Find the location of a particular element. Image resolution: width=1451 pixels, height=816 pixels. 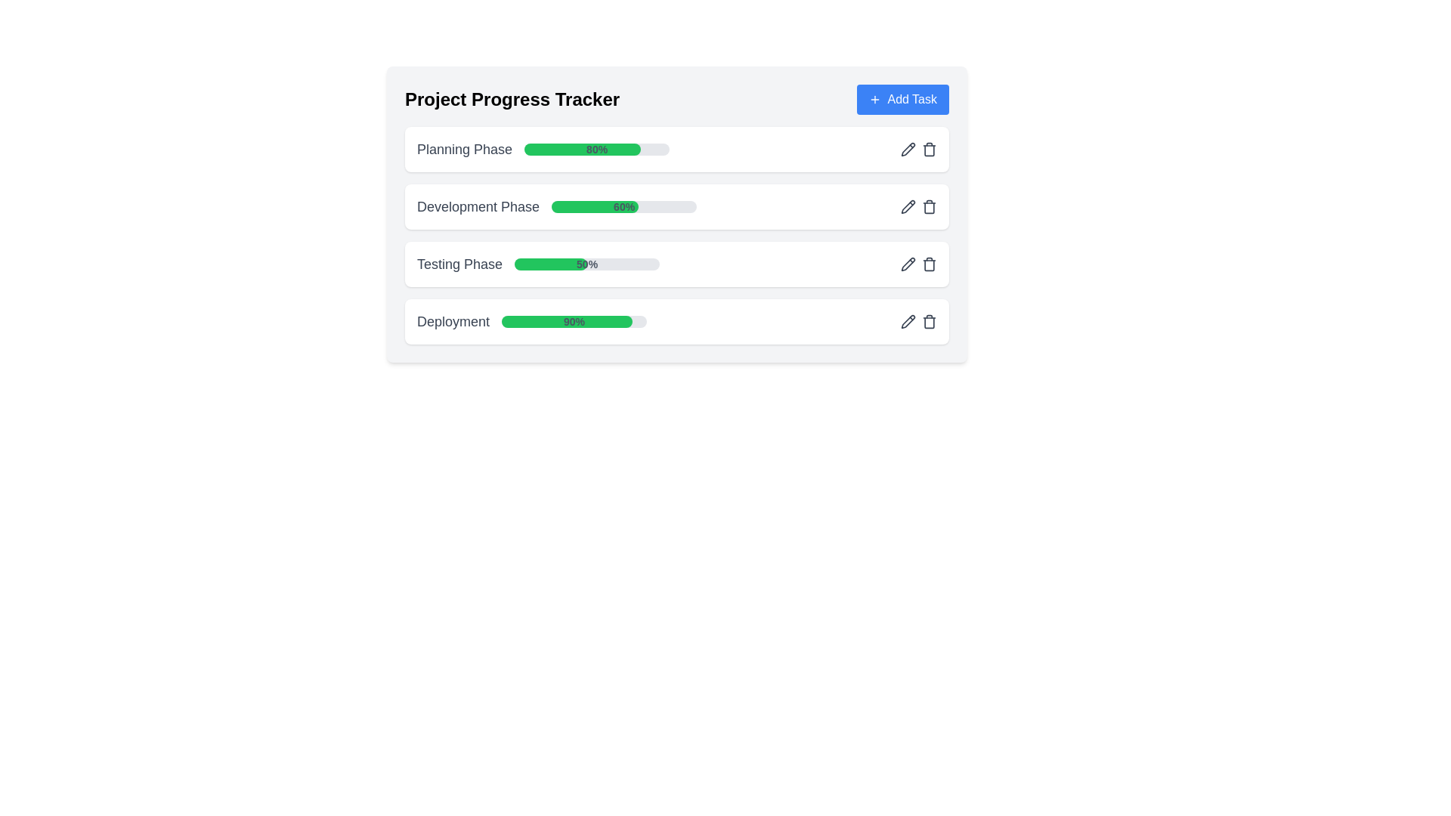

the trash can icon button on the far right of the task row is located at coordinates (928, 149).